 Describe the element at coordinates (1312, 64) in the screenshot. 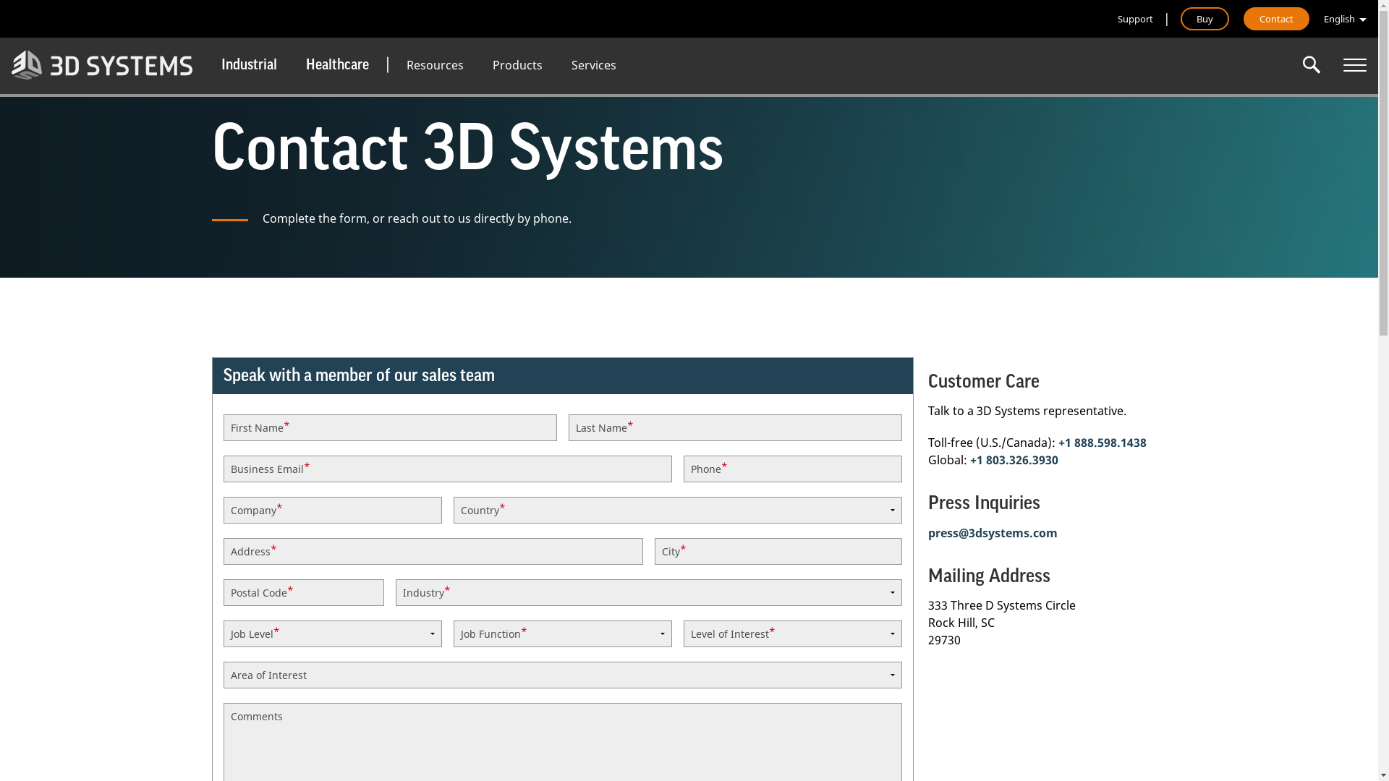

I see `'Search'` at that location.